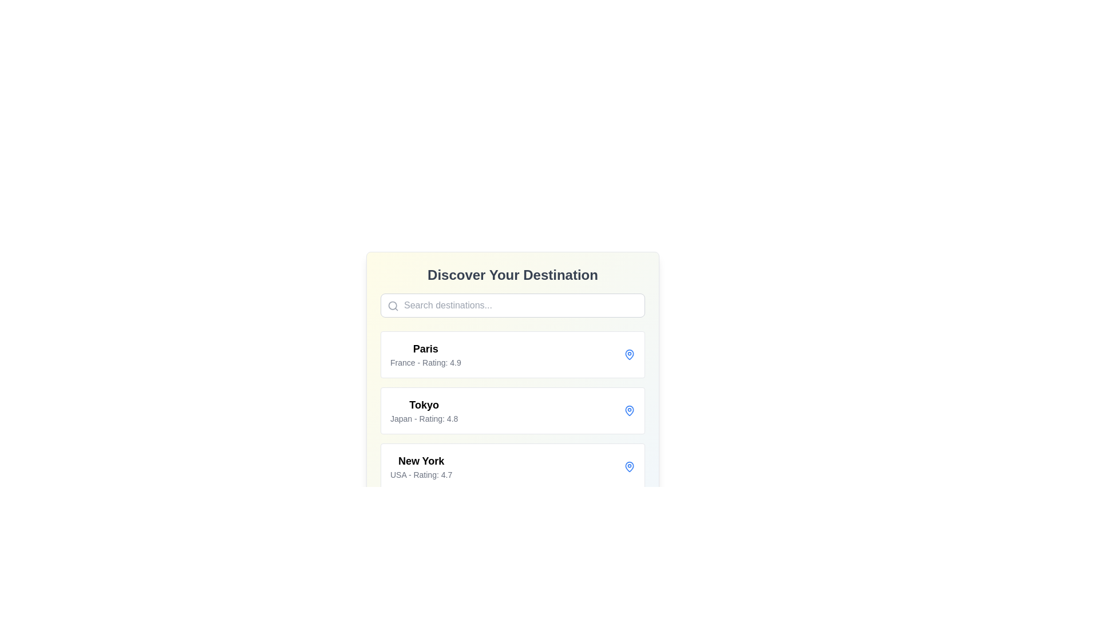 This screenshot has width=1099, height=618. What do you see at coordinates (512, 467) in the screenshot?
I see `the third entry in the list of destinations, which displays a place name and its corresponding information` at bounding box center [512, 467].